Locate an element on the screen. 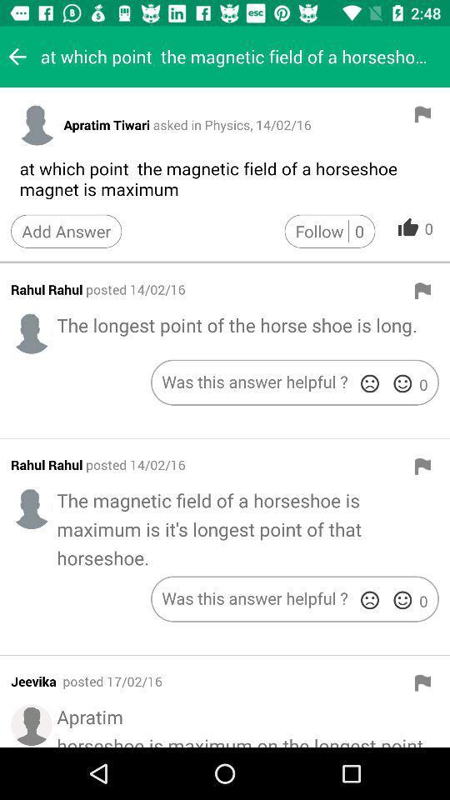  report post is located at coordinates (422, 466).